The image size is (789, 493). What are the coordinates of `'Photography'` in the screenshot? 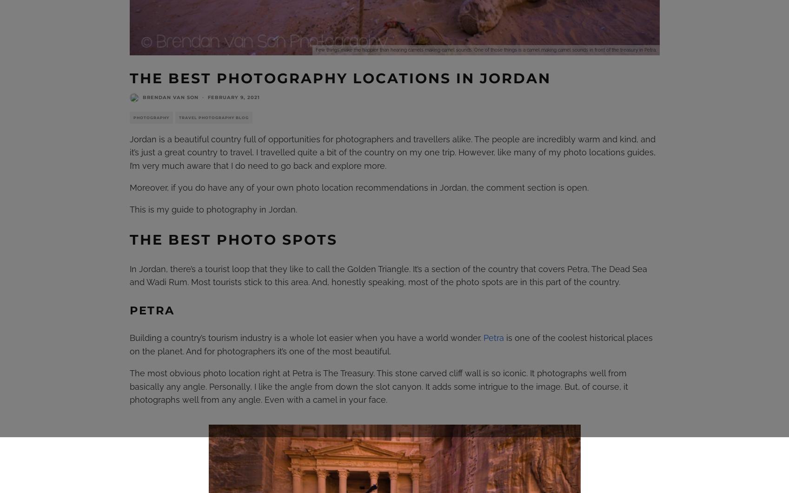 It's located at (132, 116).